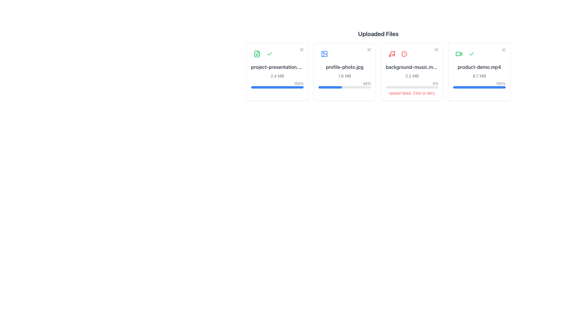 The height and width of the screenshot is (322, 572). Describe the element at coordinates (392, 54) in the screenshot. I see `the music file icon, which is the first item in a horizontally arranged group within the card interface, located at the upper left of the card` at that location.